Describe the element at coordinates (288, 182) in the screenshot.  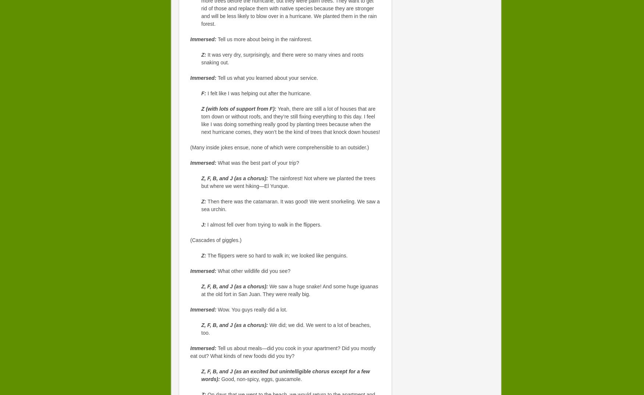
I see `'The rainforest! Not where we planted the trees but where we went hiking—El Yunque.'` at that location.